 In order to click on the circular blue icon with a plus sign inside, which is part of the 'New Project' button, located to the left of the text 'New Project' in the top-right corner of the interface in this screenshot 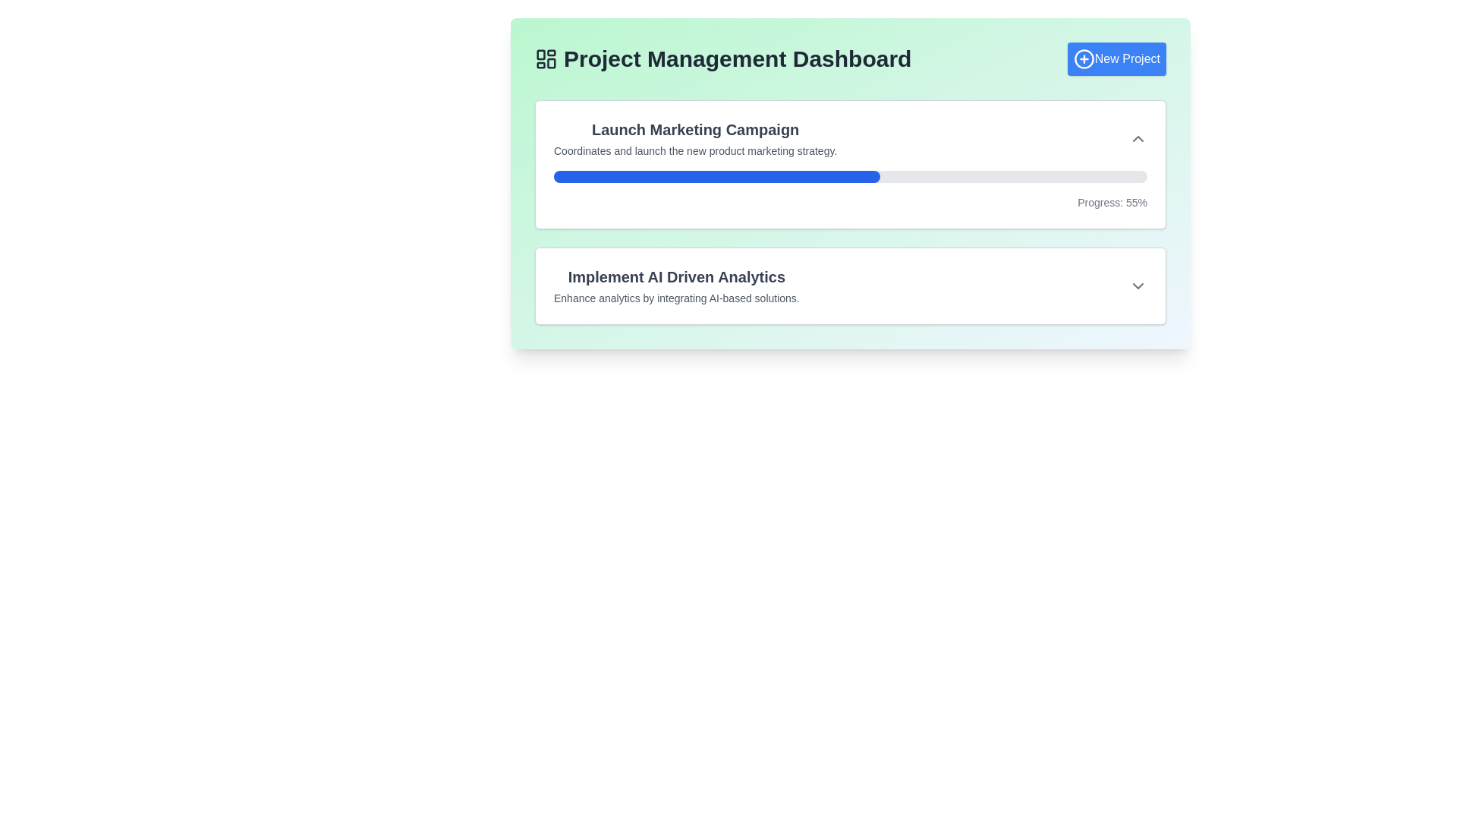, I will do `click(1083, 58)`.